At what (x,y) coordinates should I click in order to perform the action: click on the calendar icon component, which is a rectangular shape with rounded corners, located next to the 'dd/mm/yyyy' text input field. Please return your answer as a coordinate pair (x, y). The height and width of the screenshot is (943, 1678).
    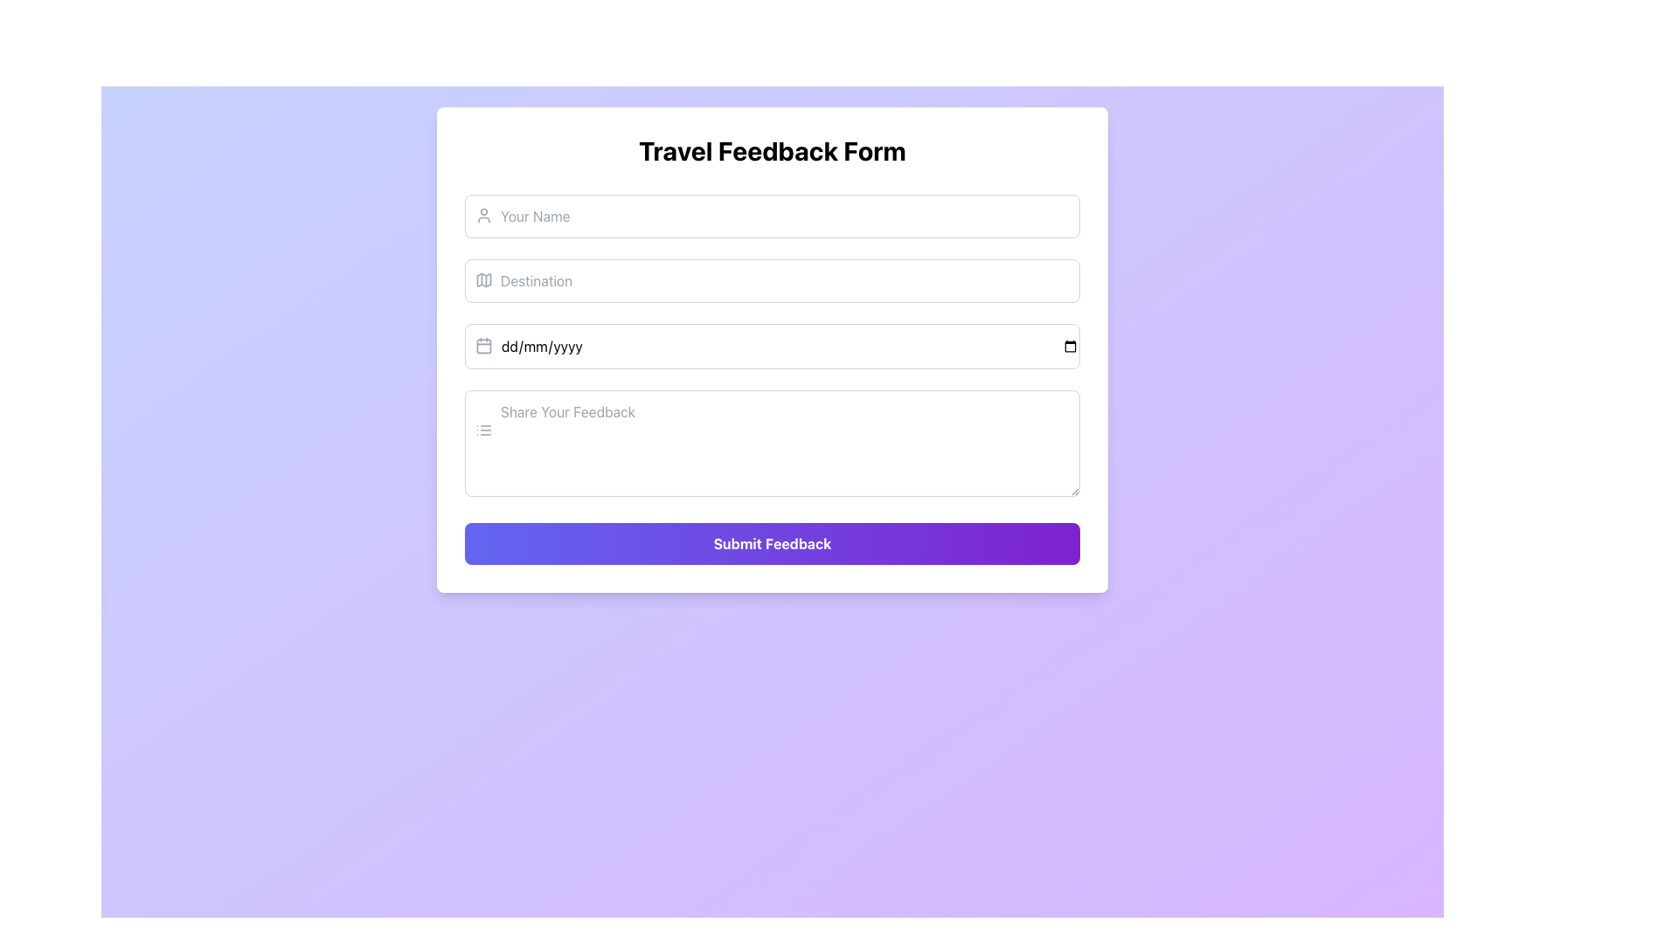
    Looking at the image, I should click on (483, 346).